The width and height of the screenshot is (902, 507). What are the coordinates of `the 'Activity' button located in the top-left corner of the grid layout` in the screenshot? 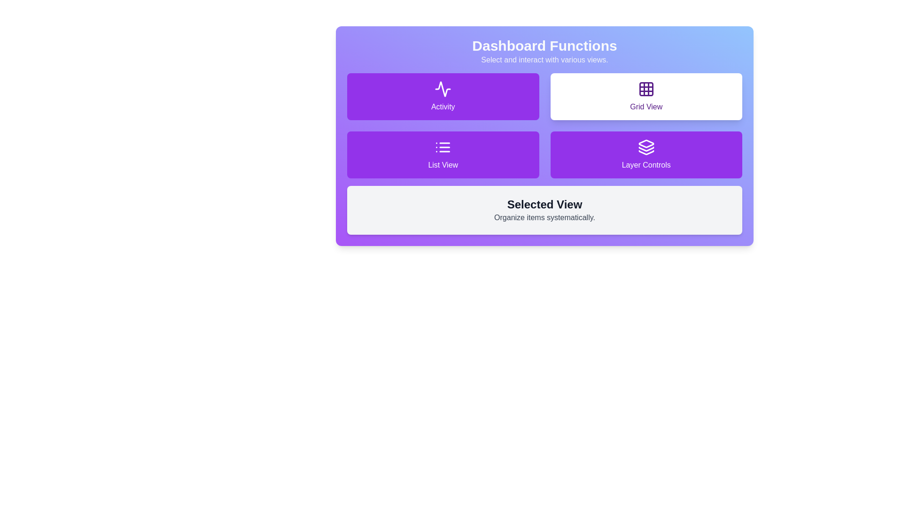 It's located at (443, 96).